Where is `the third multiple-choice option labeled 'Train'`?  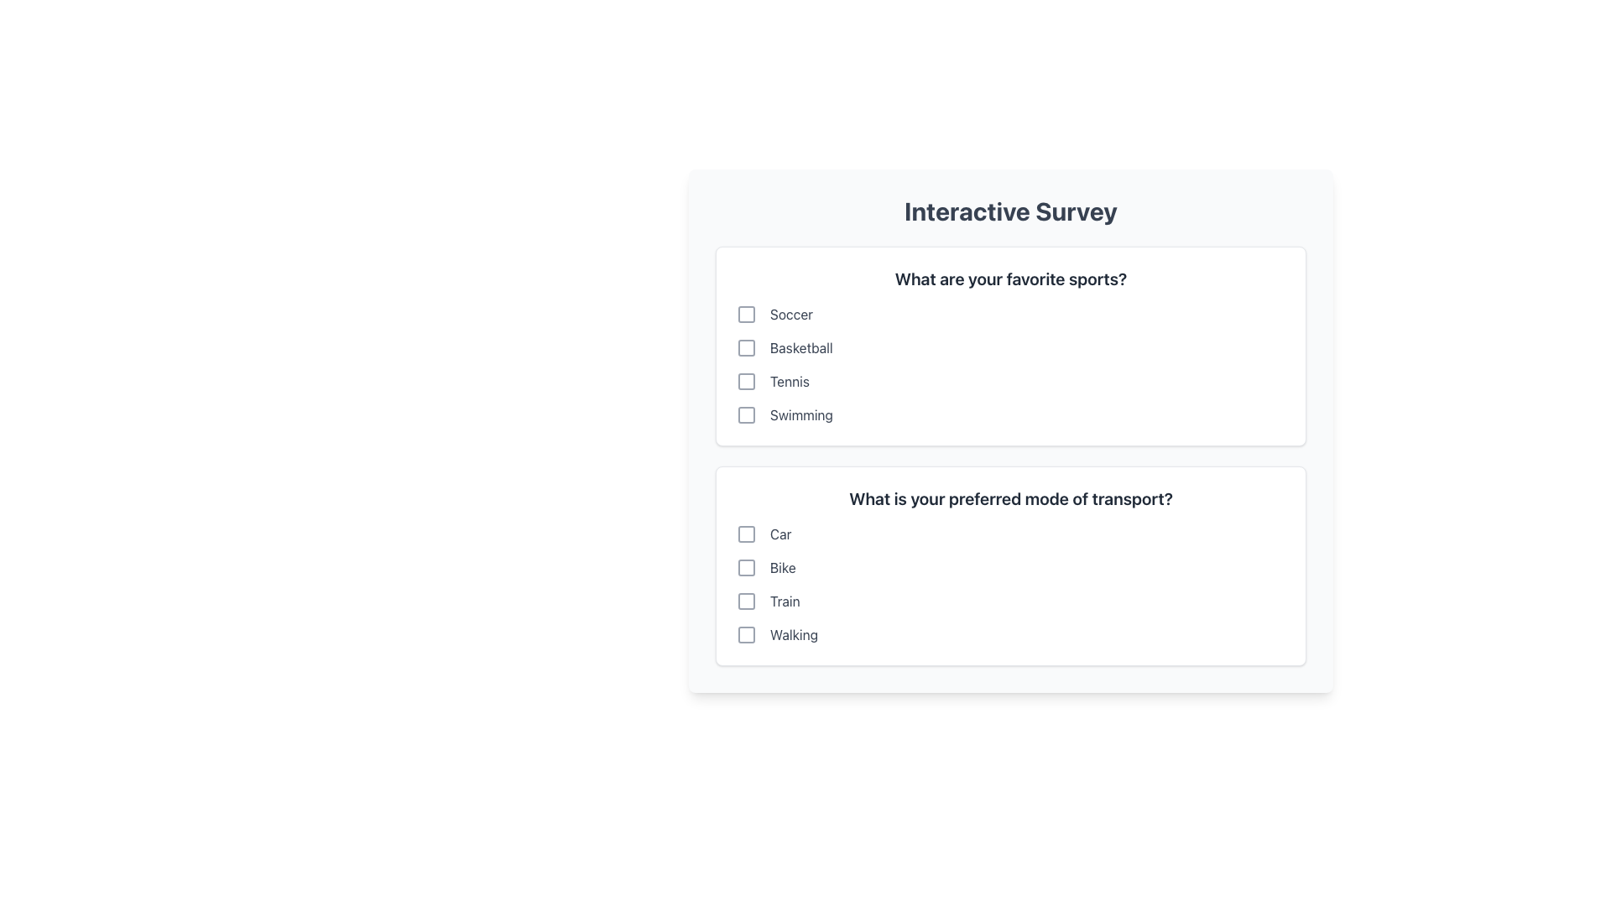 the third multiple-choice option labeled 'Train' is located at coordinates (1009, 601).